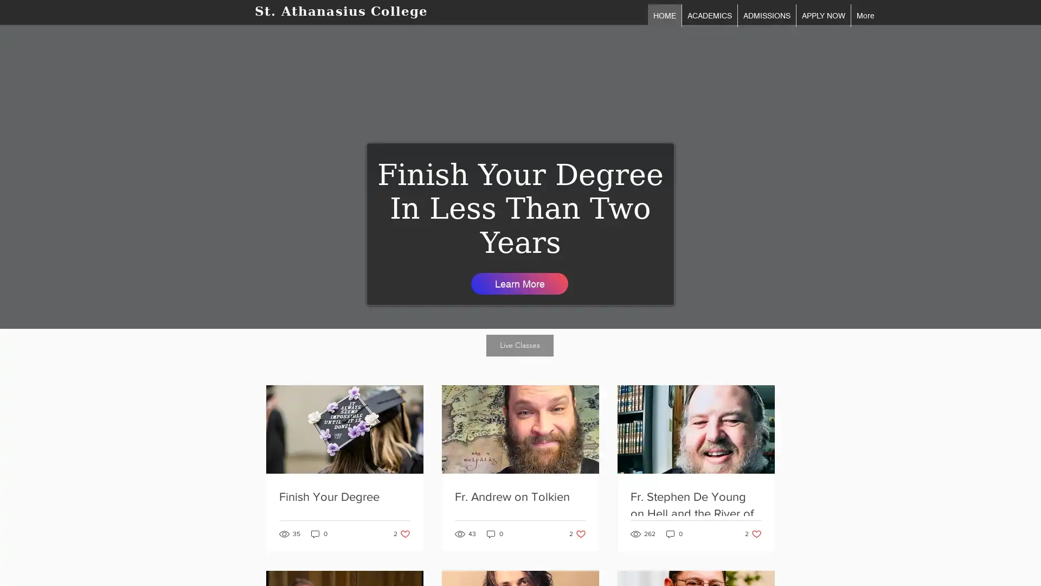 The width and height of the screenshot is (1041, 586). What do you see at coordinates (753, 533) in the screenshot?
I see `2 likes. Post not marked as liked` at bounding box center [753, 533].